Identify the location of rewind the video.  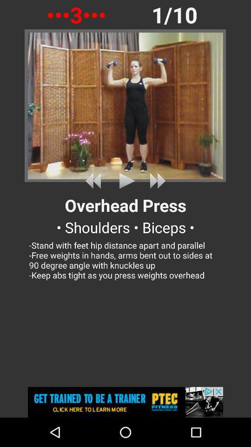
(94, 180).